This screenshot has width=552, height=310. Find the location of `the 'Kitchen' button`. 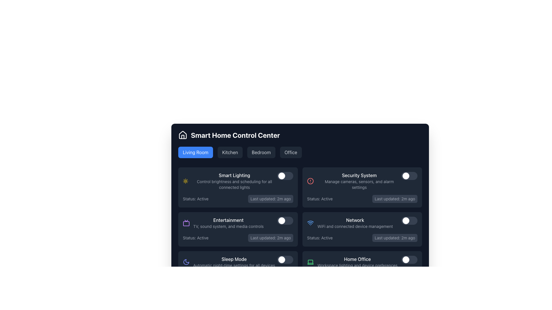

the 'Kitchen' button is located at coordinates (230, 152).